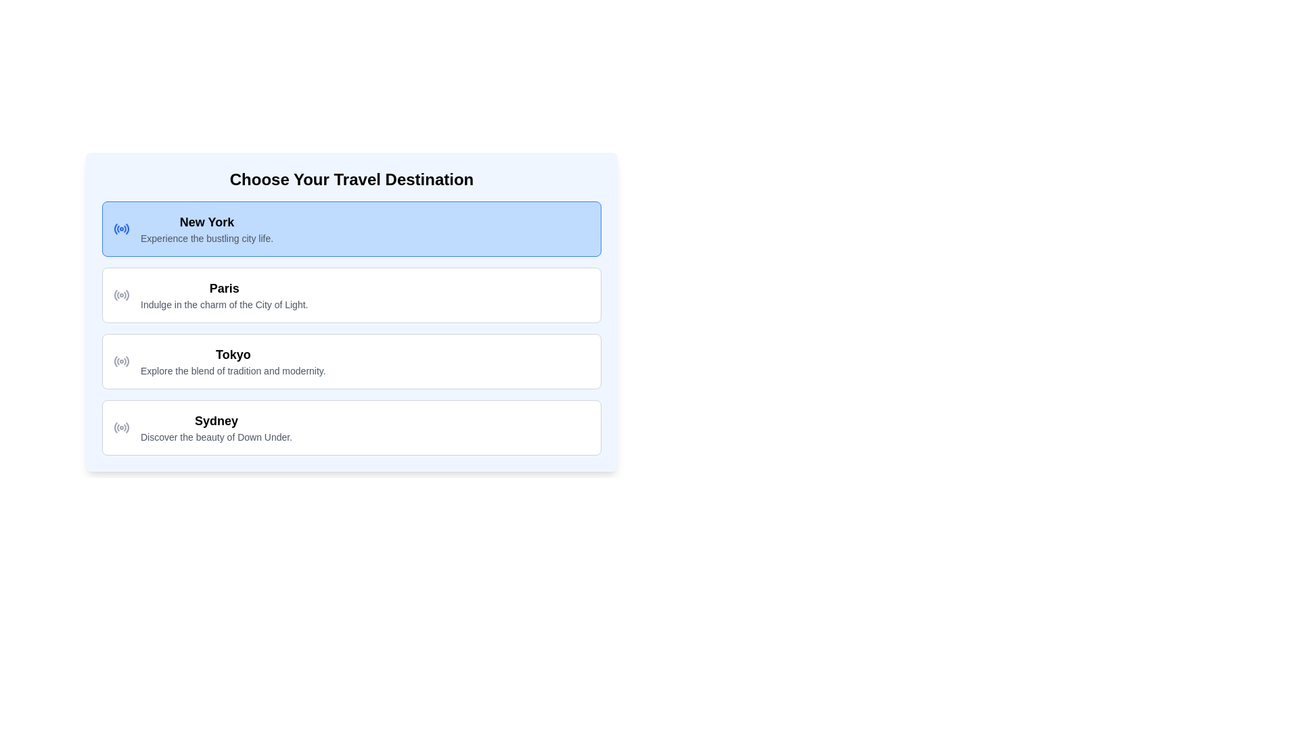 Image resolution: width=1299 pixels, height=730 pixels. What do you see at coordinates (233, 370) in the screenshot?
I see `text element that displays 'Explore the blend of tradition and modernity.' positioned beneath the 'Tokyo' heading in the travel destinations list` at bounding box center [233, 370].